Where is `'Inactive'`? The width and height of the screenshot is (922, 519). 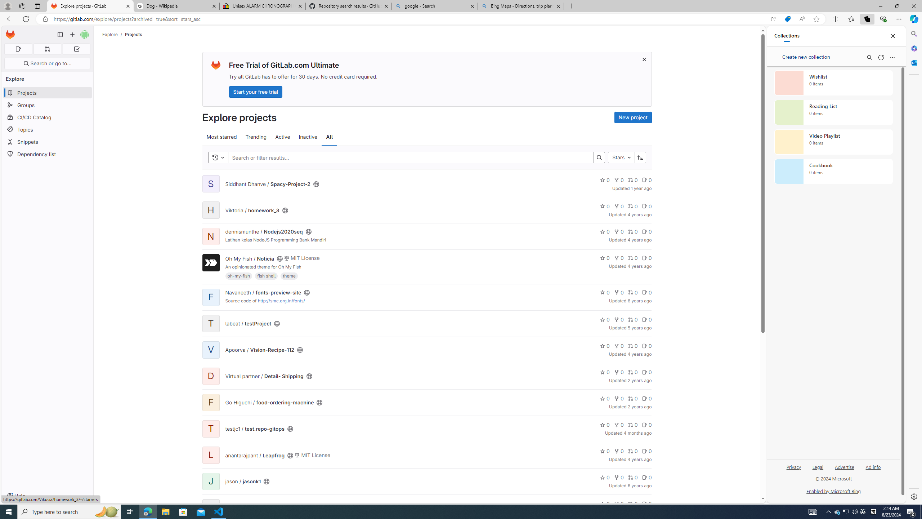
'Inactive' is located at coordinates (308, 137).